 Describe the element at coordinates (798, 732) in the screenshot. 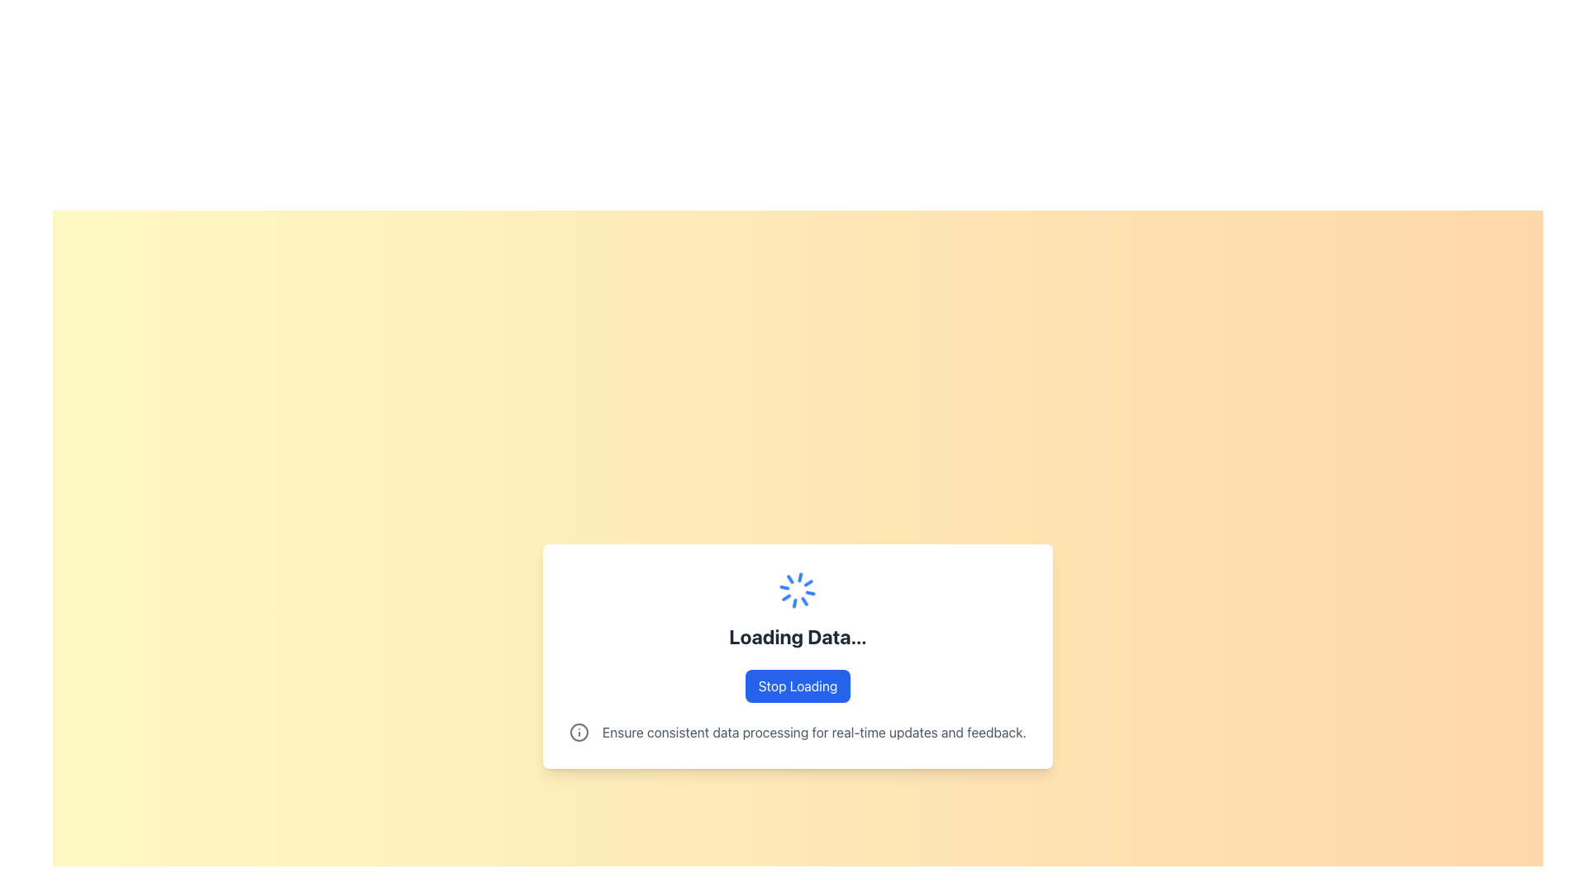

I see `the informational text area that says 'Ensure consistent data processing for real-time updates and feedback.' to possibly reveal further detailed information` at that location.